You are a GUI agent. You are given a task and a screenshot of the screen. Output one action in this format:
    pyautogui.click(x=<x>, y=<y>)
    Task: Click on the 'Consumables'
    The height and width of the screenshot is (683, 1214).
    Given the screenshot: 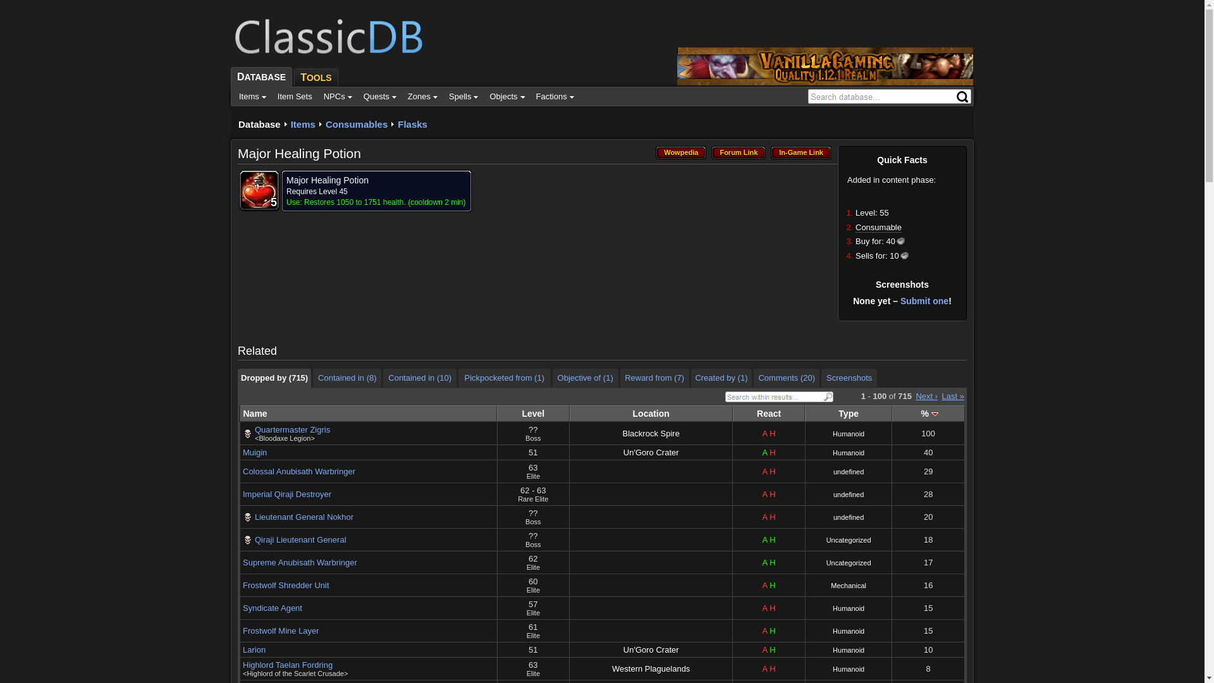 What is the action you would take?
    pyautogui.click(x=356, y=124)
    